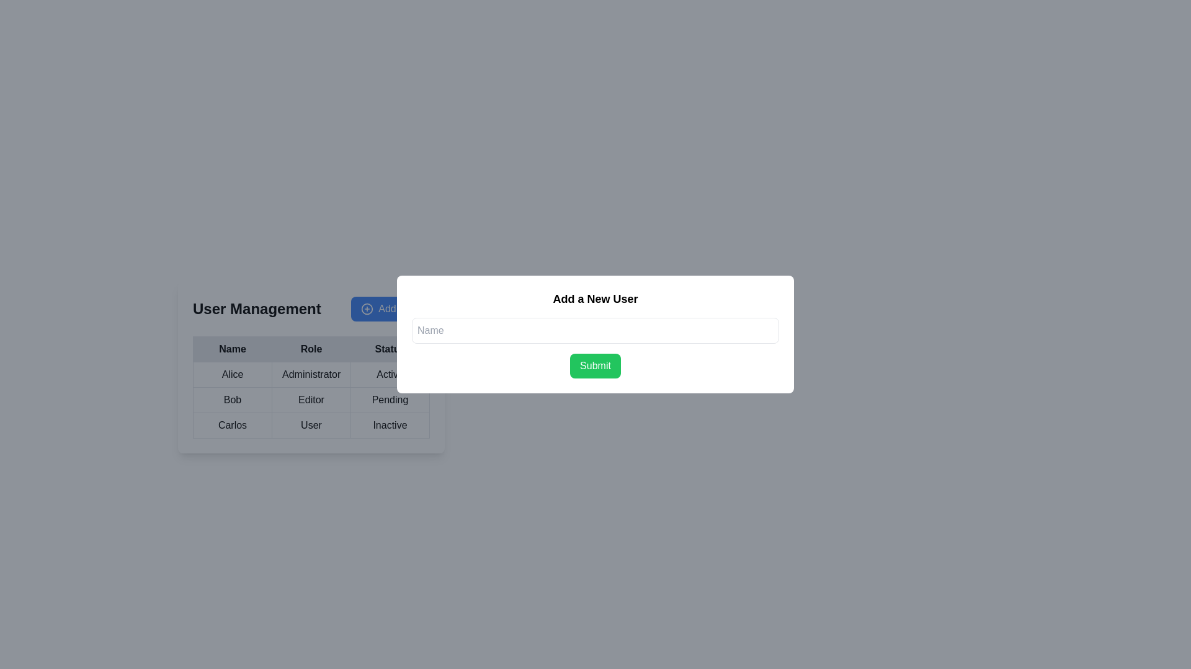 The width and height of the screenshot is (1191, 669). What do you see at coordinates (311, 424) in the screenshot?
I see `the role label indicating 'User' for the user 'Carlos' in the third row of the table` at bounding box center [311, 424].